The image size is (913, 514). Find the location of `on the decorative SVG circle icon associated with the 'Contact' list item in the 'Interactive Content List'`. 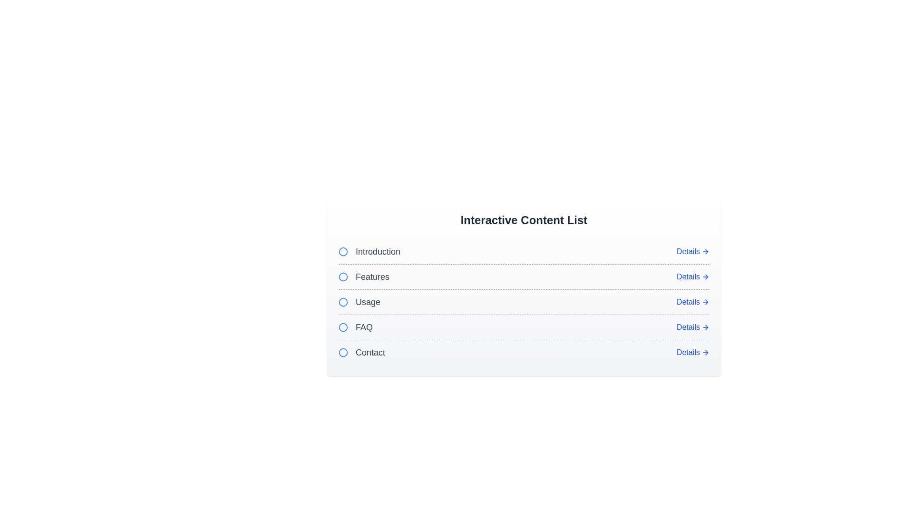

on the decorative SVG circle icon associated with the 'Contact' list item in the 'Interactive Content List' is located at coordinates (342, 352).